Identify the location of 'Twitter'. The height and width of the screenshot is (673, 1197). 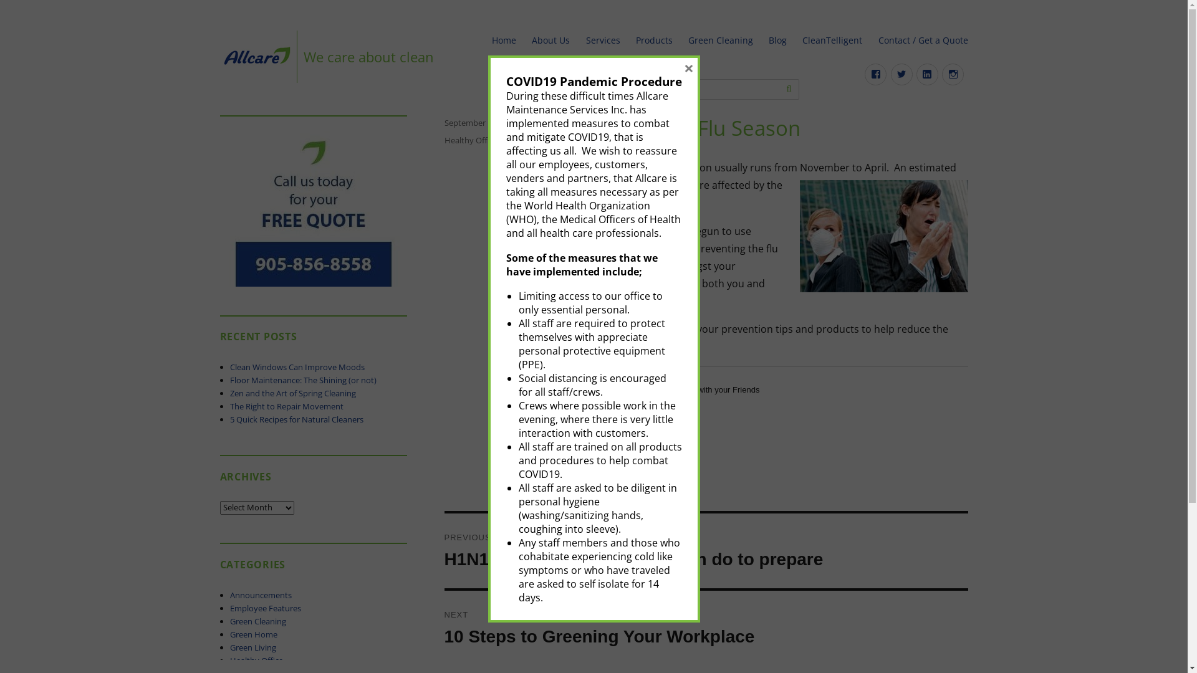
(901, 74).